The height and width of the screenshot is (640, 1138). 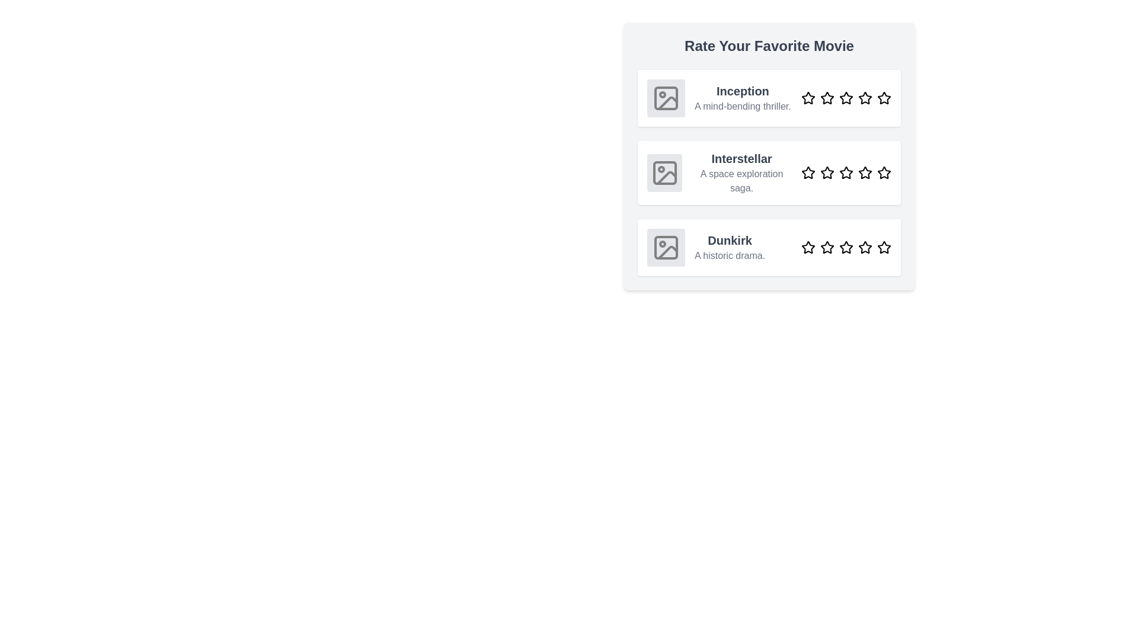 I want to click on the Text label containing the title 'Interstellar' and the subtitle 'A space exploration saga', which is centrally located in the second row of movie ratings, positioned between 'Inception' and 'Dunkirk', so click(x=741, y=173).